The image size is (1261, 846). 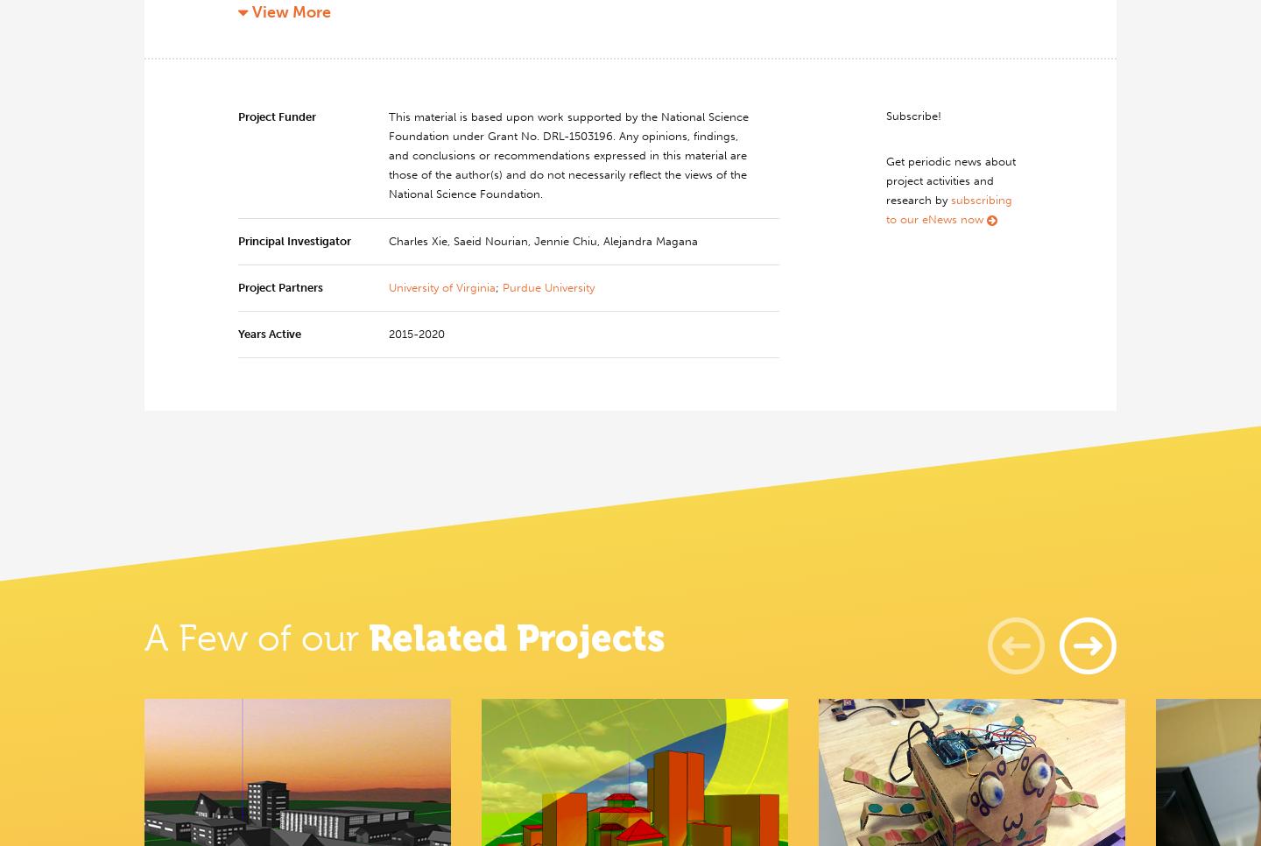 What do you see at coordinates (547, 286) in the screenshot?
I see `'Purdue University'` at bounding box center [547, 286].